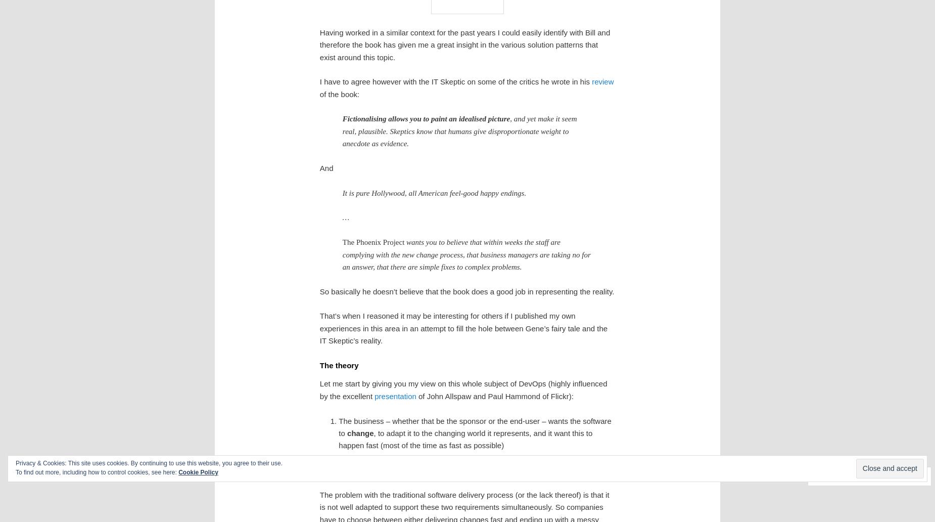  What do you see at coordinates (416, 396) in the screenshot?
I see `'of John Allspaw and Paul Hammond of Flickr):'` at bounding box center [416, 396].